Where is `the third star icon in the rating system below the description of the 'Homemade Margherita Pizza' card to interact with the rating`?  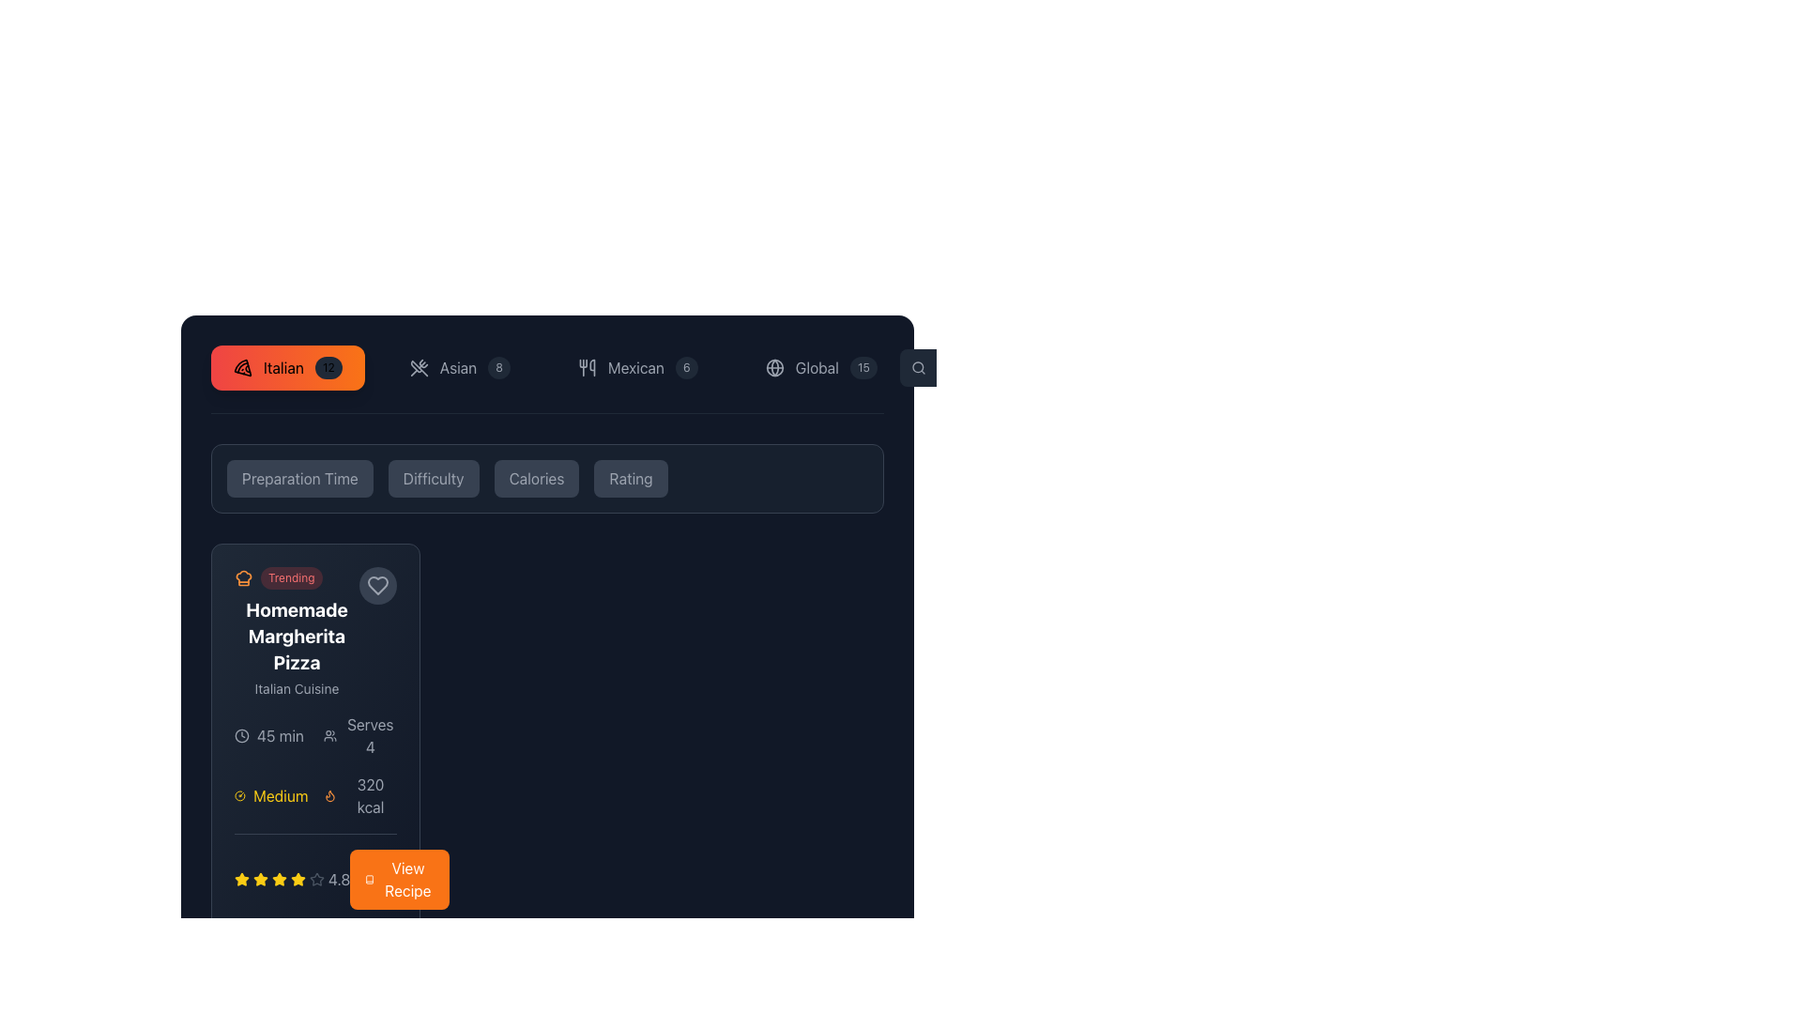
the third star icon in the rating system below the description of the 'Homemade Margherita Pizza' card to interact with the rating is located at coordinates (278, 879).